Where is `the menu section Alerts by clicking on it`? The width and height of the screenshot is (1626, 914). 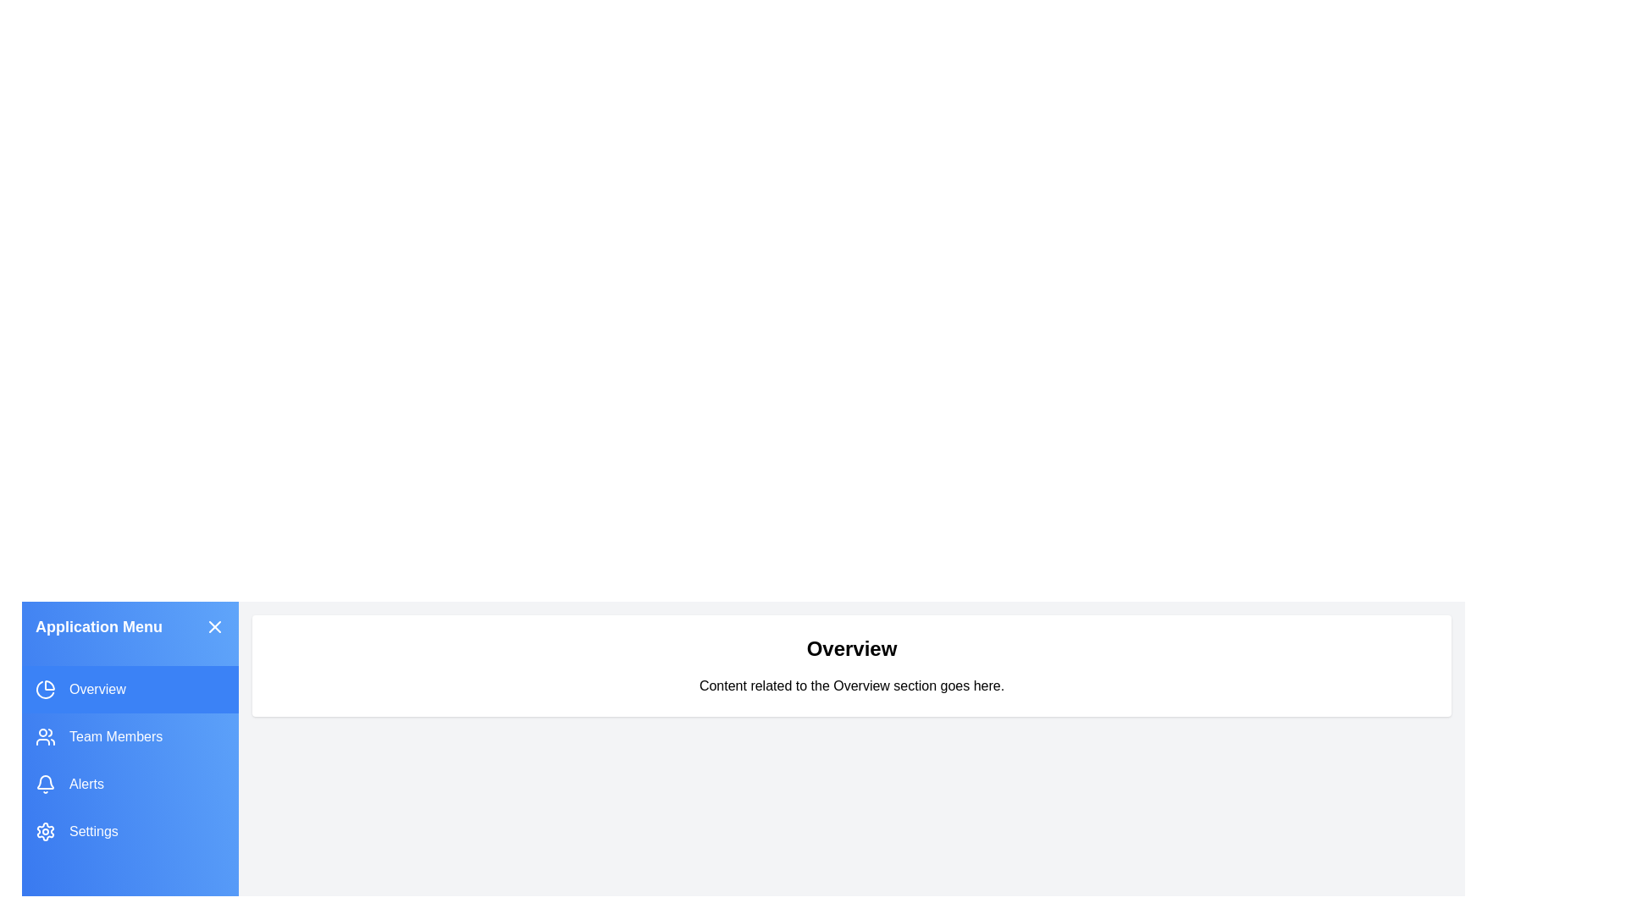
the menu section Alerts by clicking on it is located at coordinates (129, 784).